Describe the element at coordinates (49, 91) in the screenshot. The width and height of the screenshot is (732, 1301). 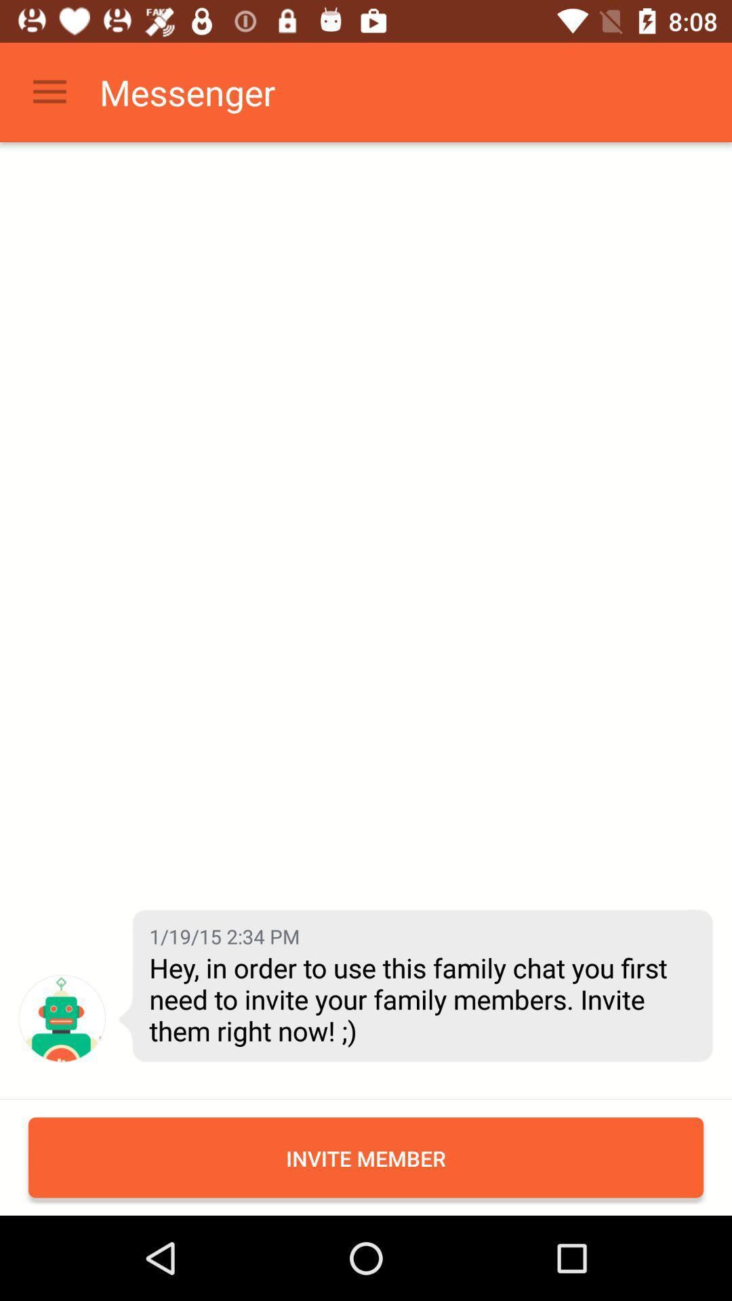
I see `the icon next to the messenger item` at that location.